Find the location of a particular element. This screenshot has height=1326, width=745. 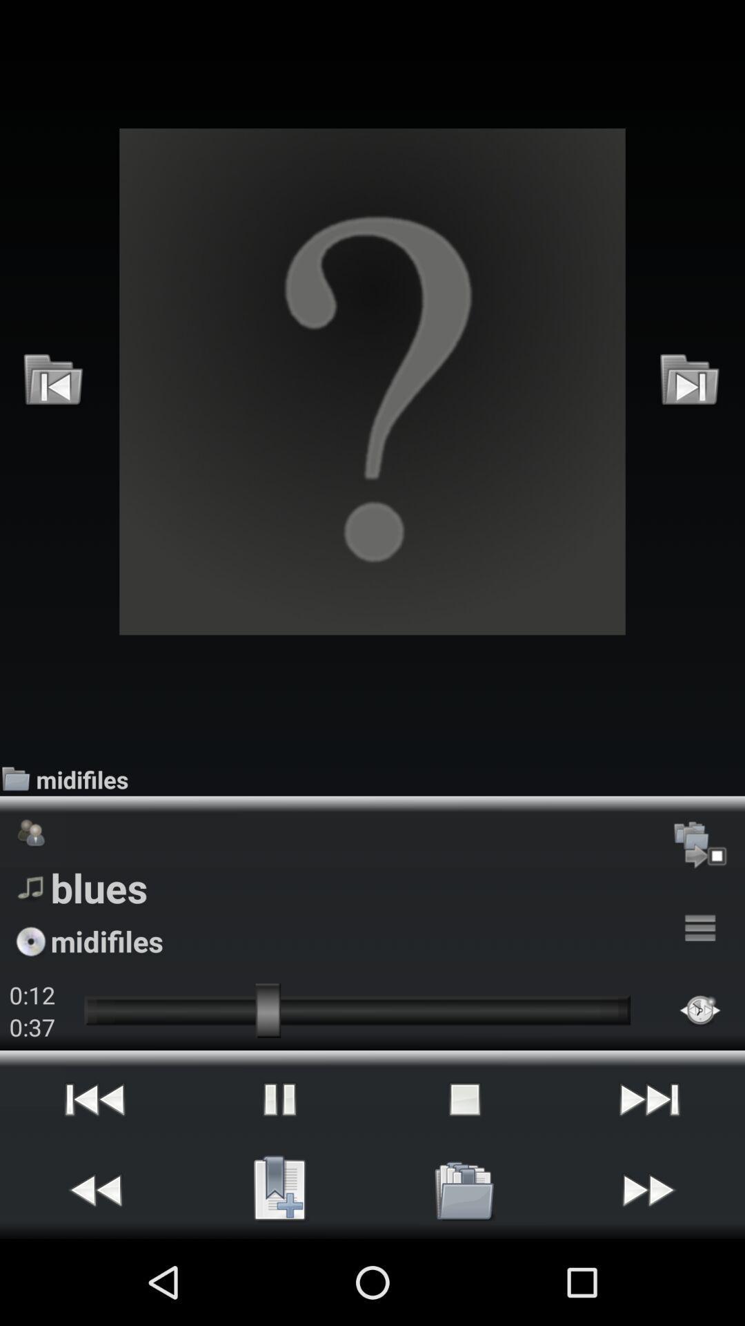

the icon at the top right corner is located at coordinates (690, 381).